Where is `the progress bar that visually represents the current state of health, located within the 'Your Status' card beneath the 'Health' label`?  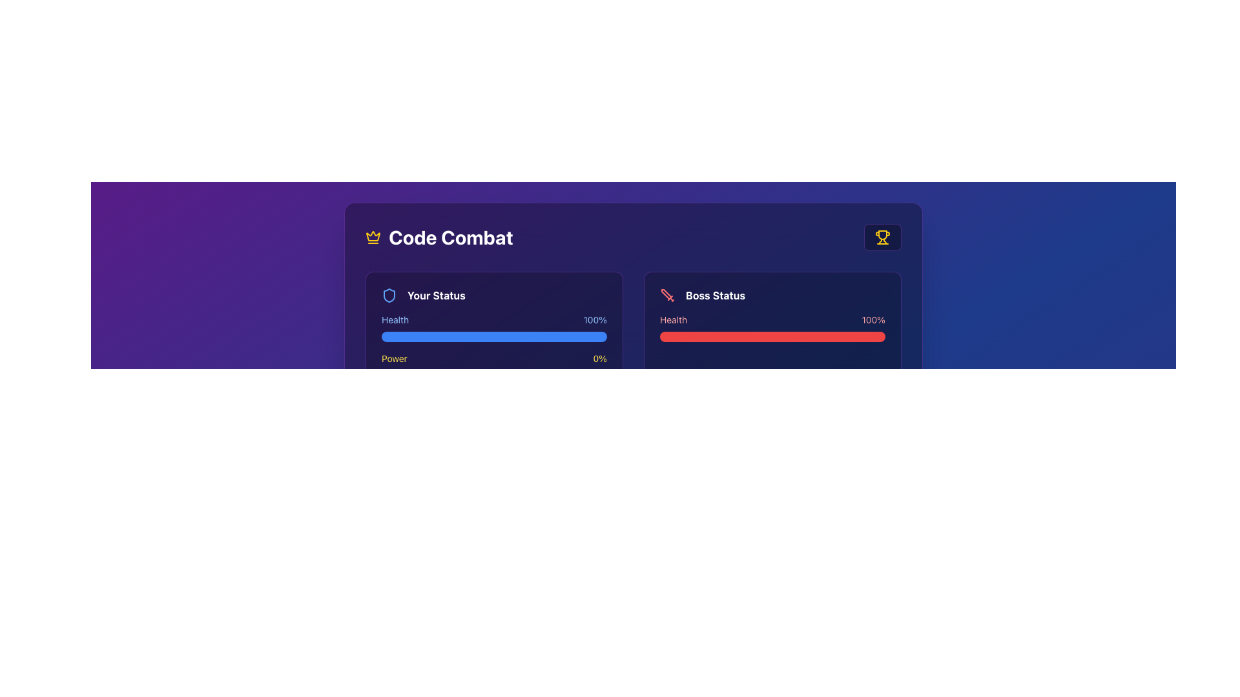 the progress bar that visually represents the current state of health, located within the 'Your Status' card beneath the 'Health' label is located at coordinates (493, 336).